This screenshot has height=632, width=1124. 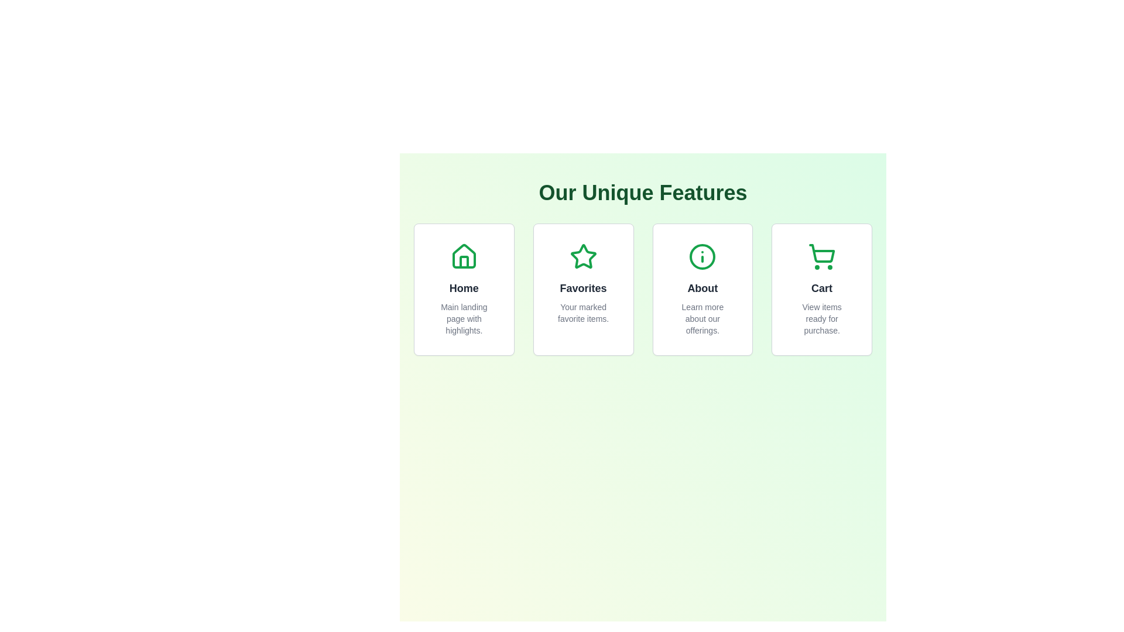 I want to click on the Text description label located beneath the 'Cart' label, which provides additional descriptive information about the 'Cart' icon, so click(x=821, y=318).